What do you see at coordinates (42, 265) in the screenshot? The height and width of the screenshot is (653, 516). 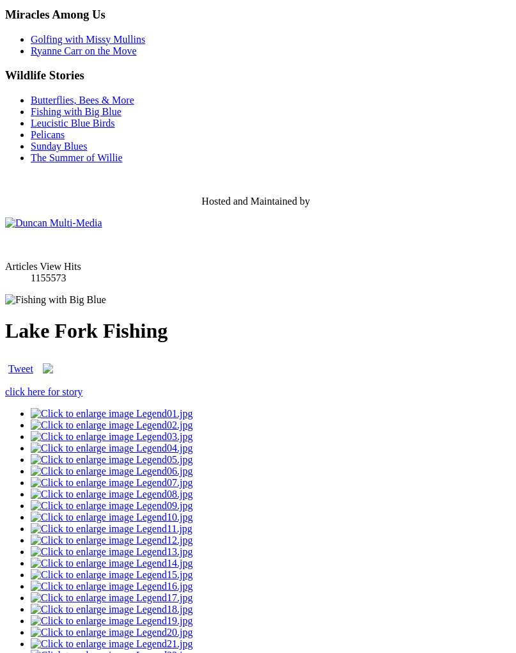 I see `'Articles View Hits'` at bounding box center [42, 265].